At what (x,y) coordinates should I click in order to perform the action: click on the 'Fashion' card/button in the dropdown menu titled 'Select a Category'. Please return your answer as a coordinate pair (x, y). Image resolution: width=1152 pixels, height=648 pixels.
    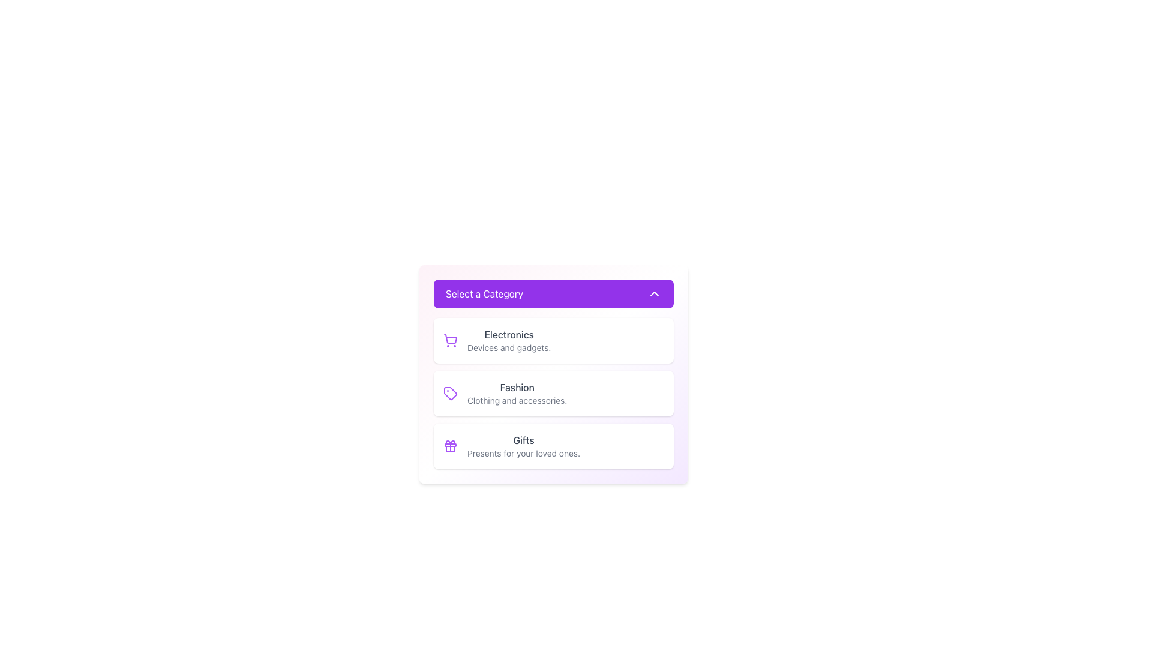
    Looking at the image, I should click on (553, 393).